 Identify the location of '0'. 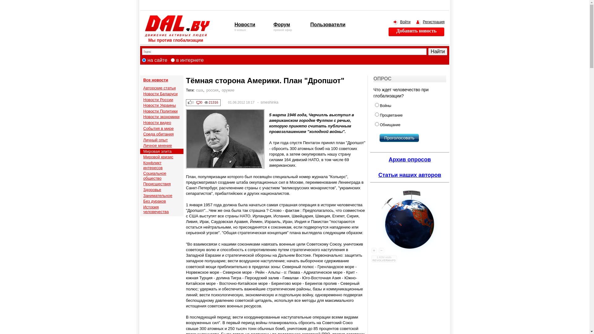
(191, 102).